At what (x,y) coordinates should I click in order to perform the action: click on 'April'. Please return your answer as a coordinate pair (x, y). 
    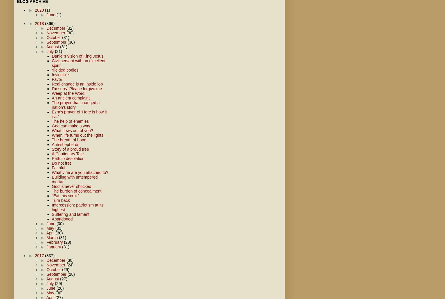
    Looking at the image, I should click on (51, 233).